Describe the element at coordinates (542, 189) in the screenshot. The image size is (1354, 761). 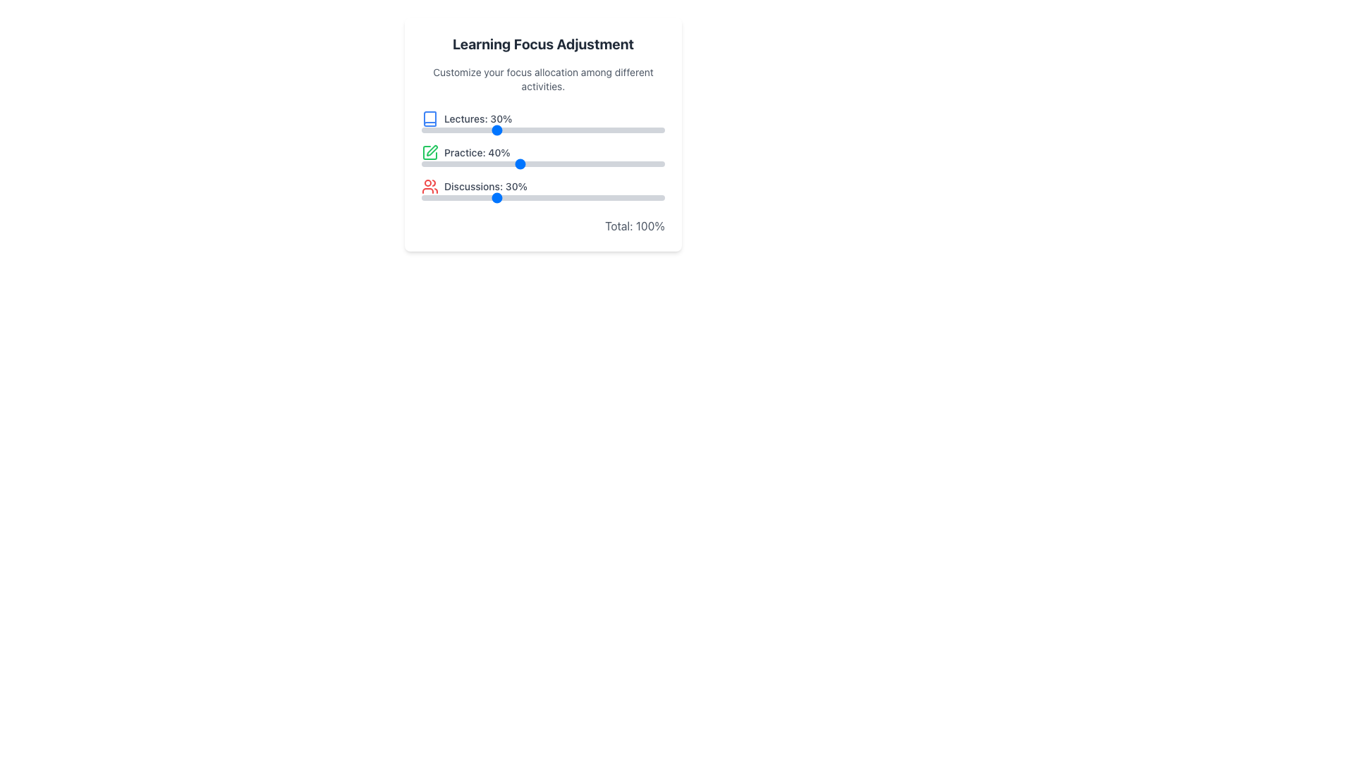
I see `the red user icon representation adjacent to the text label 'Discussions: 30%' in the third entry under the class 'space-y-4'` at that location.